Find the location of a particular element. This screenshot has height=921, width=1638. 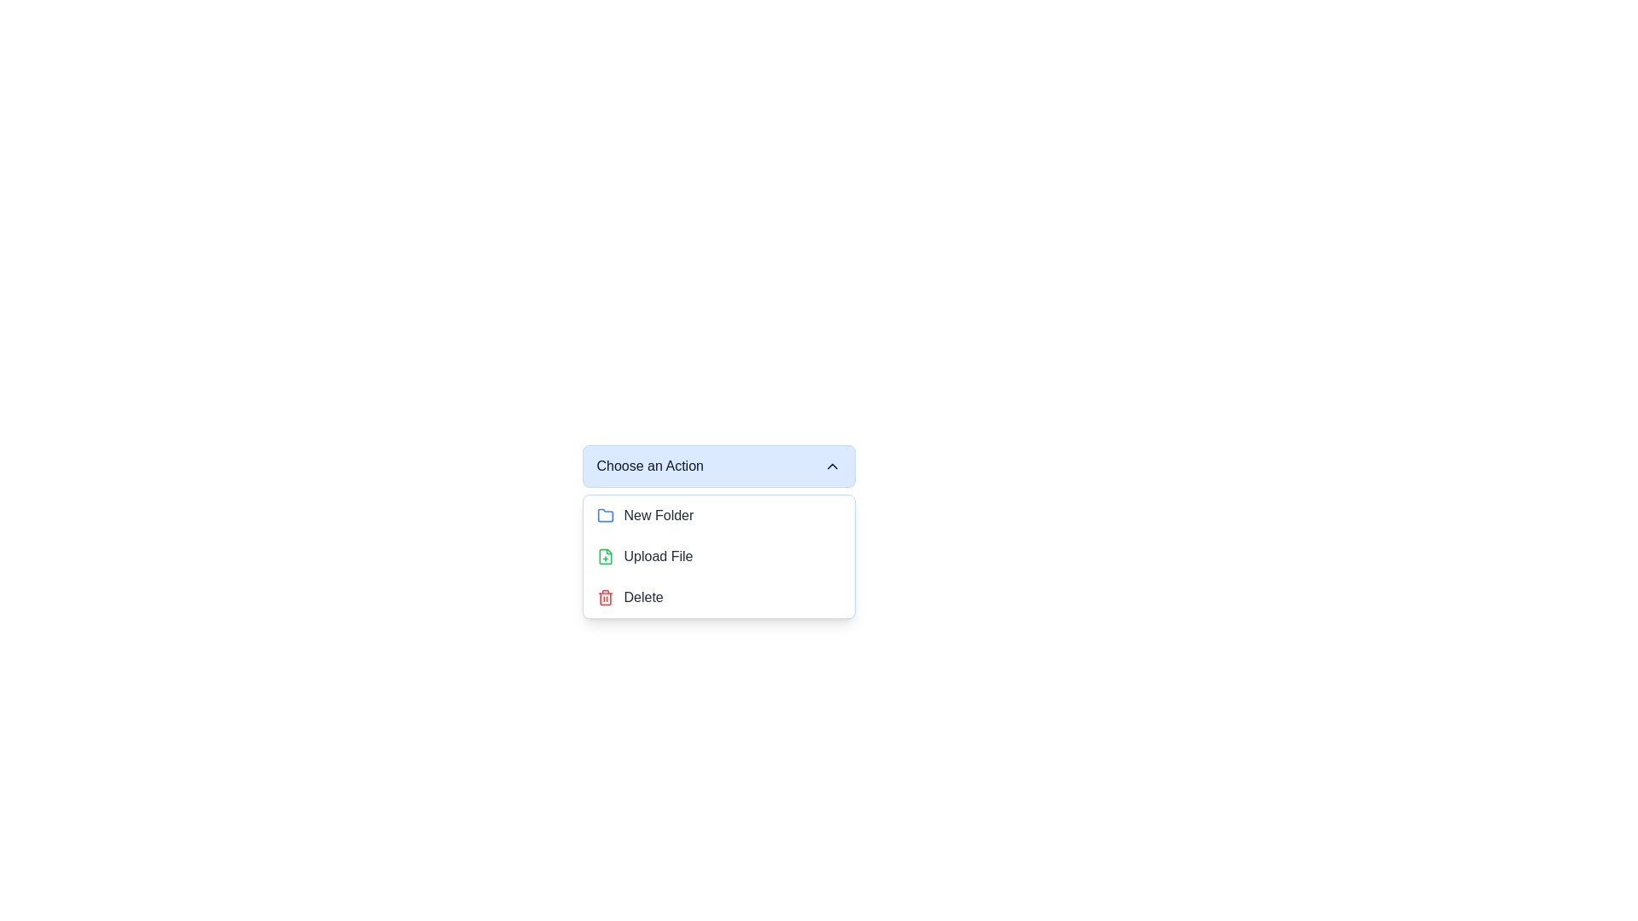

the green document icon with a plus sign, located to the left of the 'Upload File' text in the dropdown menu under 'Choose an Action' is located at coordinates (605, 556).